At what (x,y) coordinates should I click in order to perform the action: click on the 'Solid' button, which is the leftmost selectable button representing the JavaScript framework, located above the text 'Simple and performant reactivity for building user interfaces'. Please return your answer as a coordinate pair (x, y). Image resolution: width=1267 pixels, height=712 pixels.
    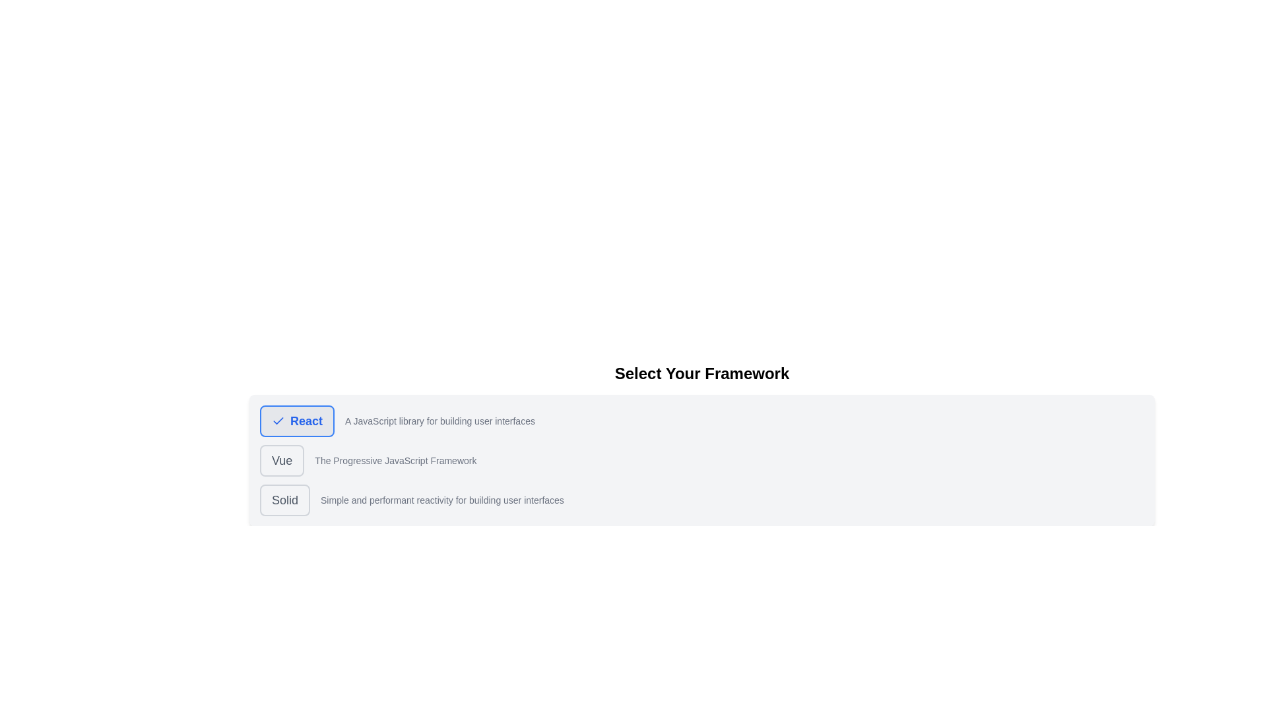
    Looking at the image, I should click on (284, 500).